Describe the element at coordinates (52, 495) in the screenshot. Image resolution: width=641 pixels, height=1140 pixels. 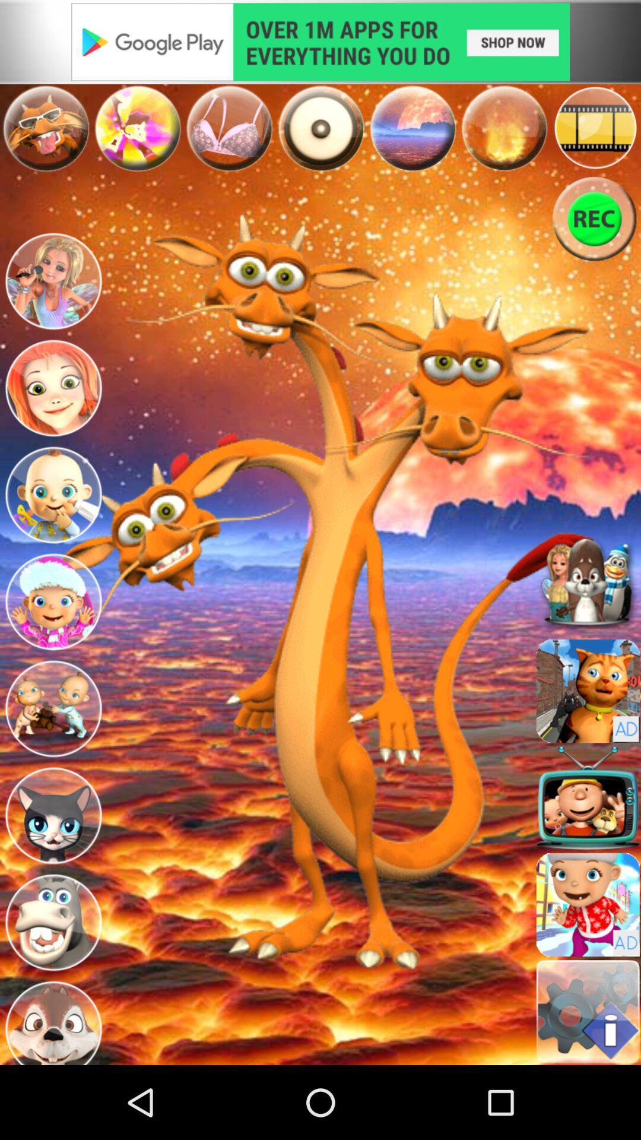
I see `the character` at that location.